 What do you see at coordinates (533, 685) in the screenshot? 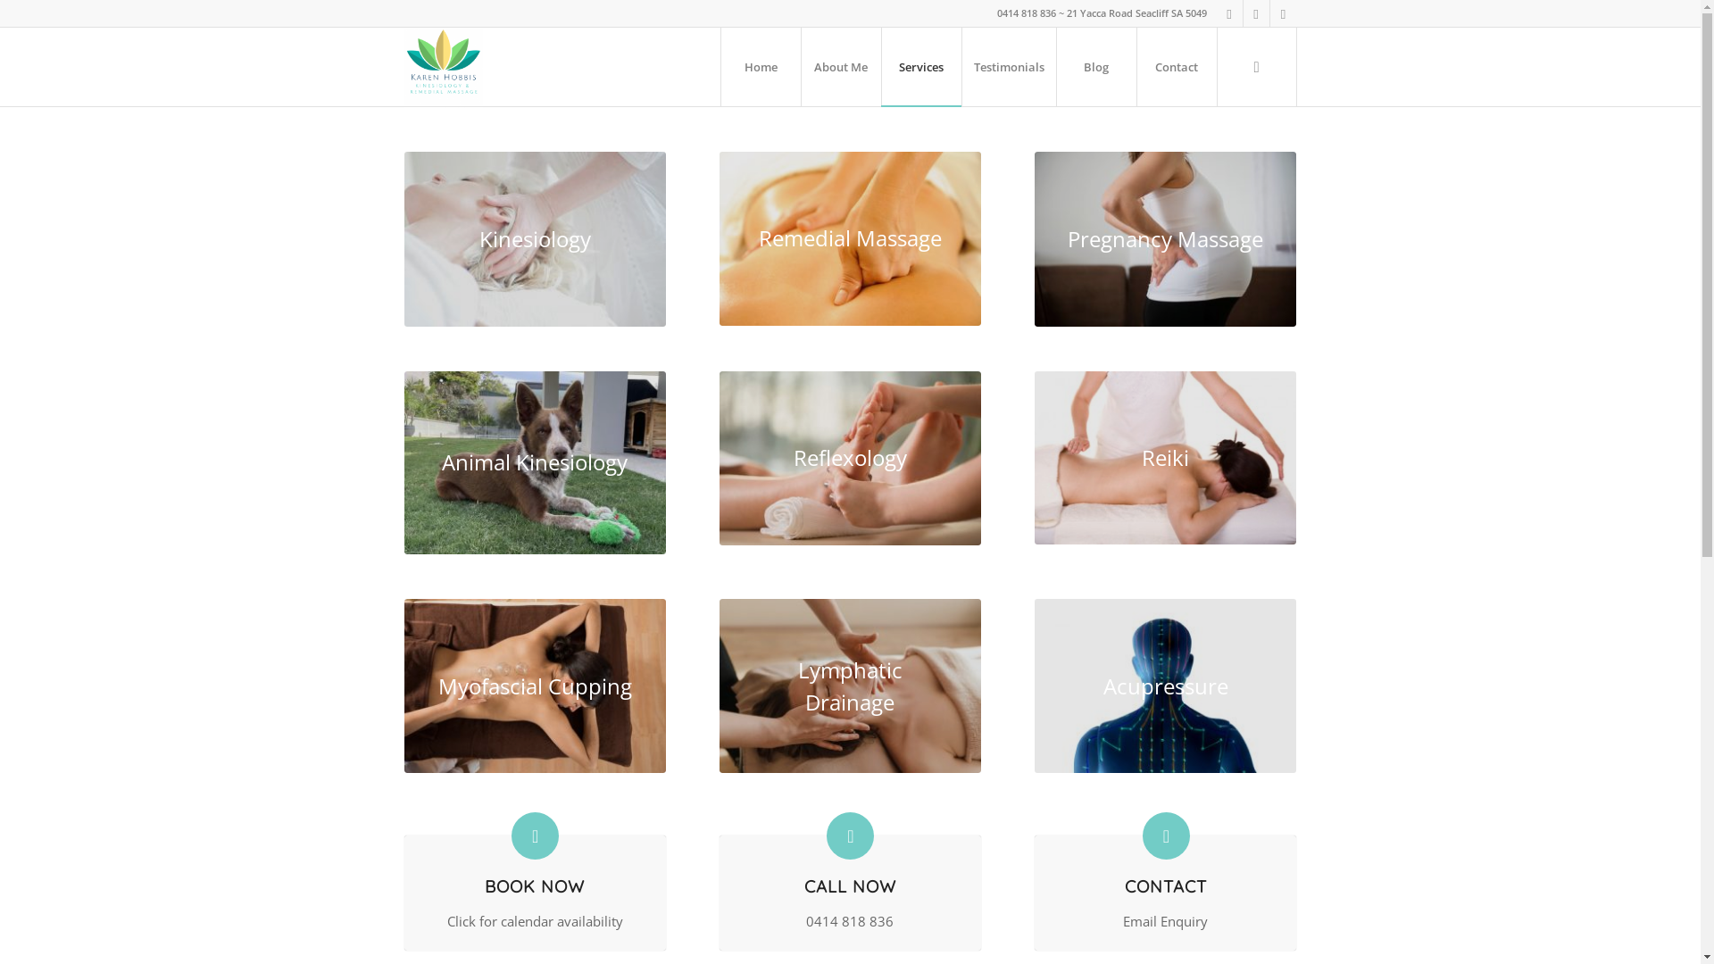
I see `'Myofascial Cupping'` at bounding box center [533, 685].